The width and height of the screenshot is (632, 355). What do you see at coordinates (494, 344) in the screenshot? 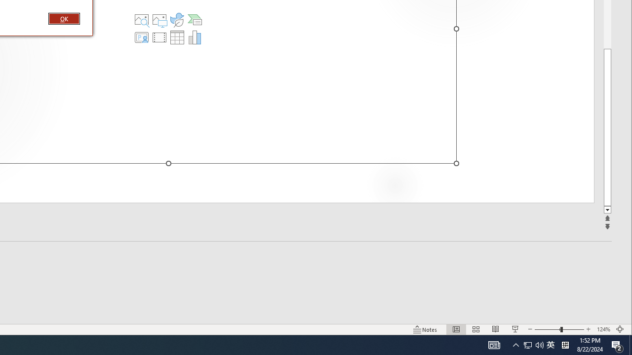
I see `'AutomationID: 4105'` at bounding box center [494, 344].